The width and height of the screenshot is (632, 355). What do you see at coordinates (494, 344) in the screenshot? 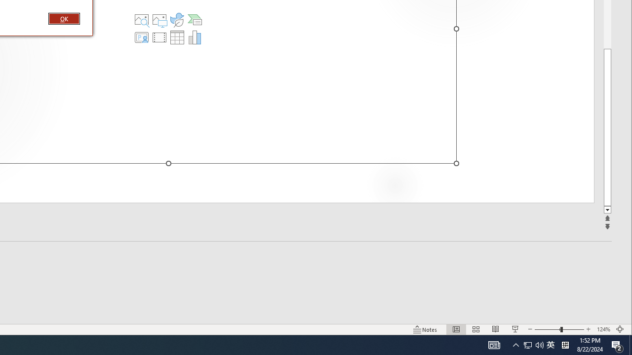
I see `'AutomationID: 4105'` at bounding box center [494, 344].